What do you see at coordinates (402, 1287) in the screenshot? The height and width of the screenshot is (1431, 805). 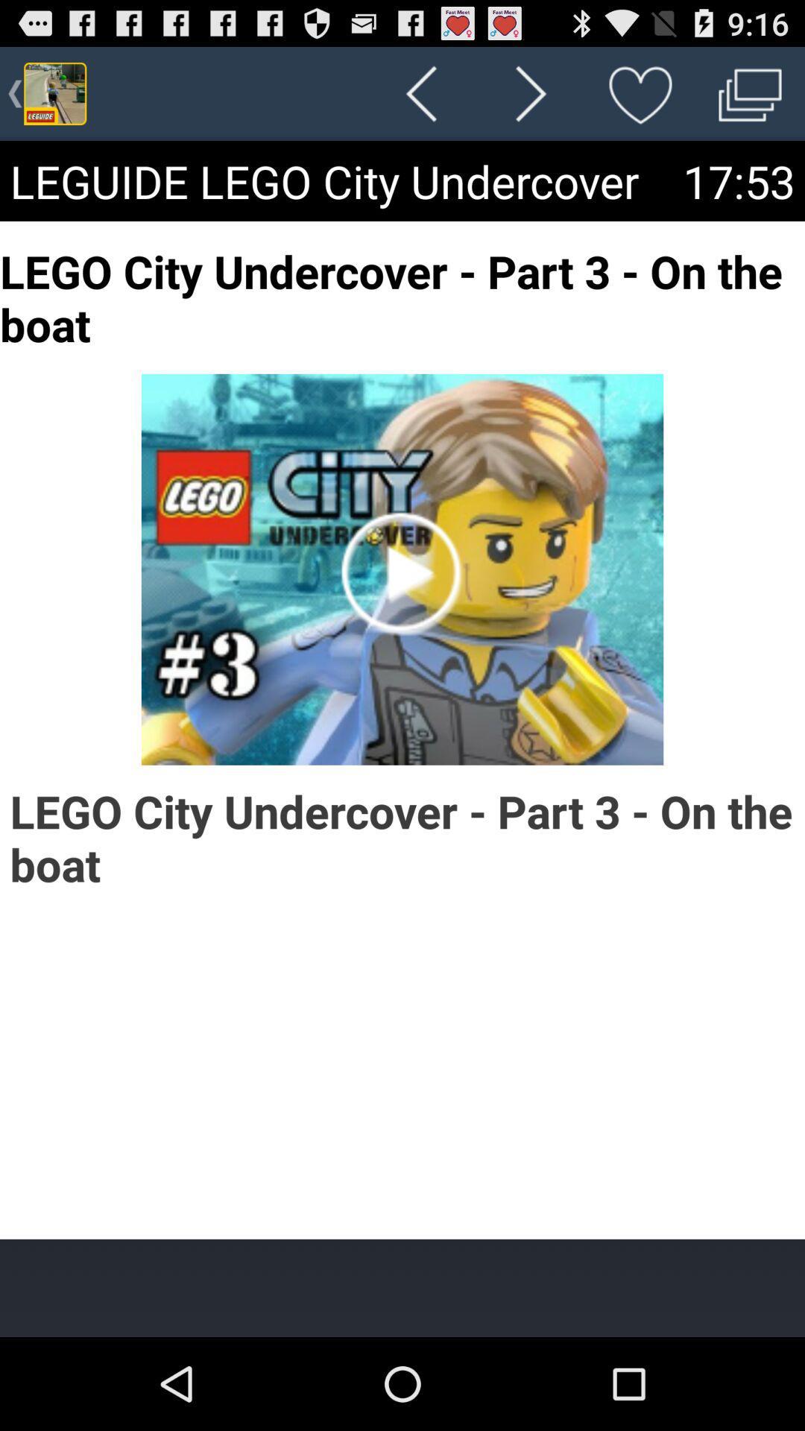 I see `item at the bottom` at bounding box center [402, 1287].